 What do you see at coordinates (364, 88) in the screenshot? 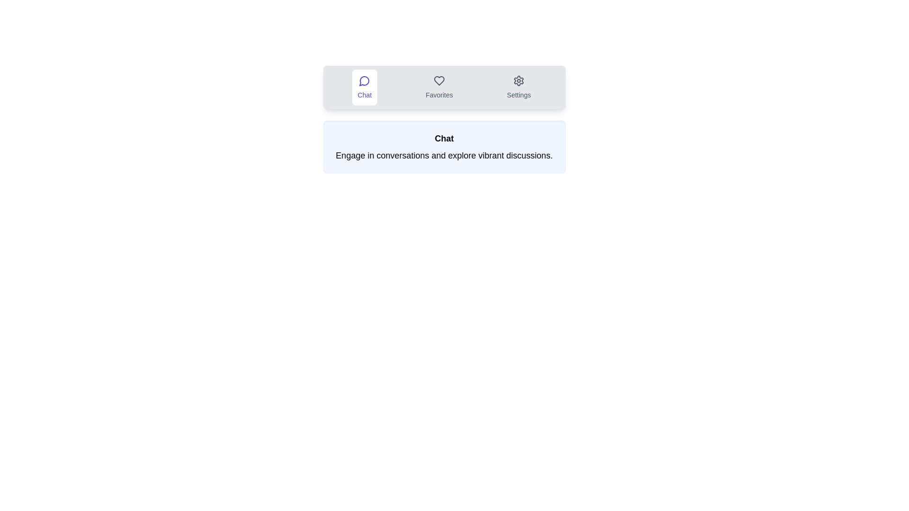
I see `the Chat tab by clicking on its button` at bounding box center [364, 88].